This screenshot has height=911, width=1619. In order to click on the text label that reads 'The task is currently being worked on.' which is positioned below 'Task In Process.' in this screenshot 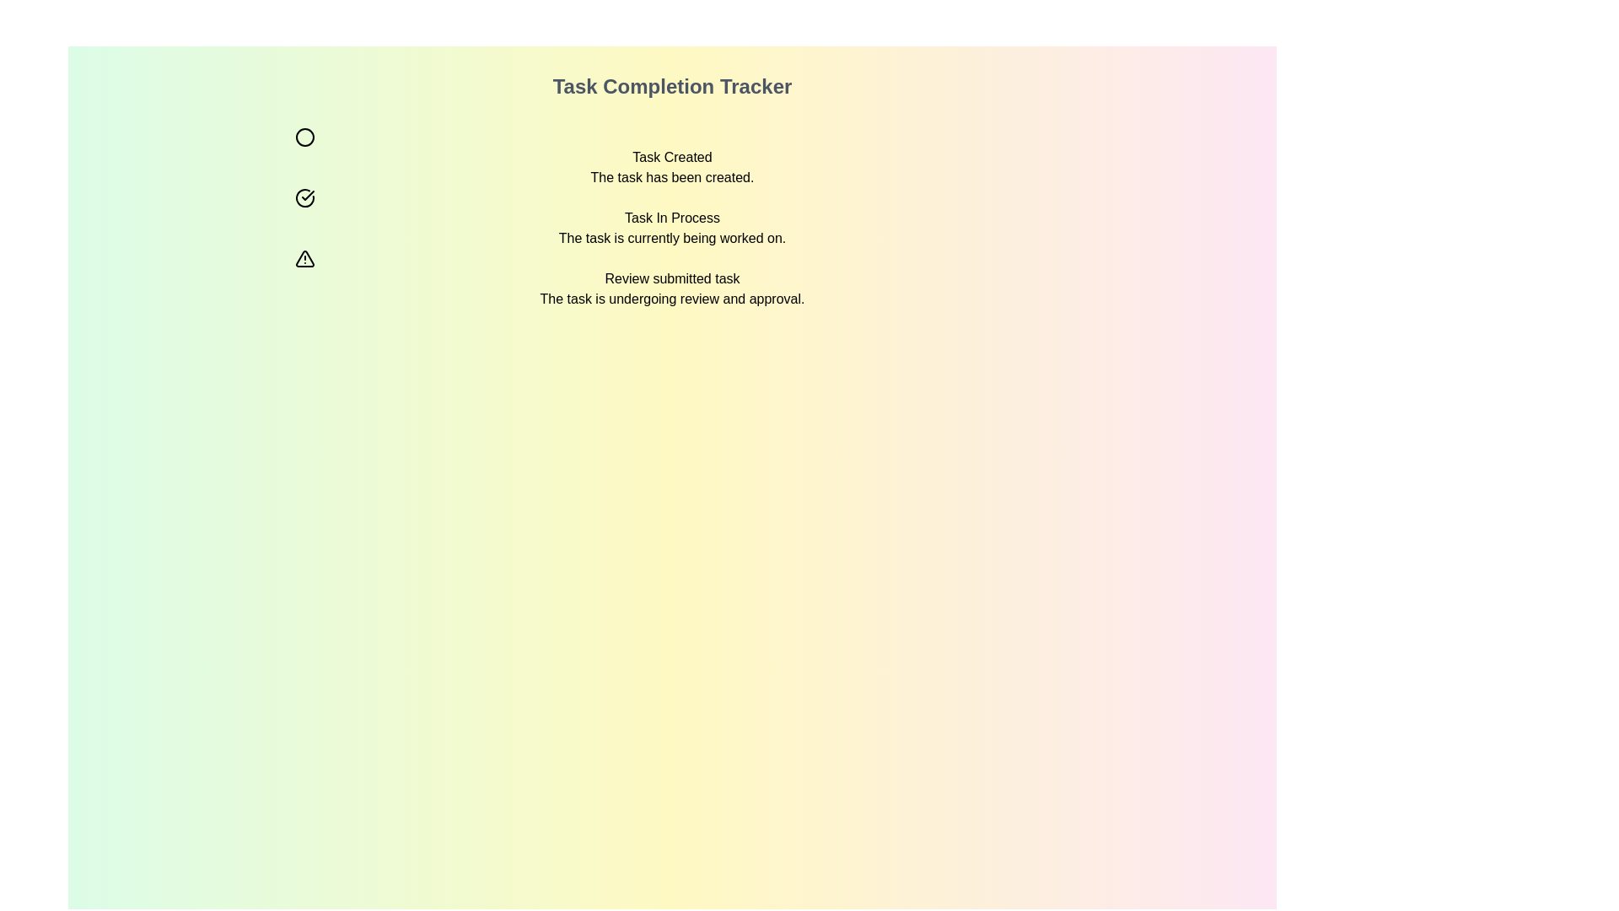, I will do `click(671, 238)`.